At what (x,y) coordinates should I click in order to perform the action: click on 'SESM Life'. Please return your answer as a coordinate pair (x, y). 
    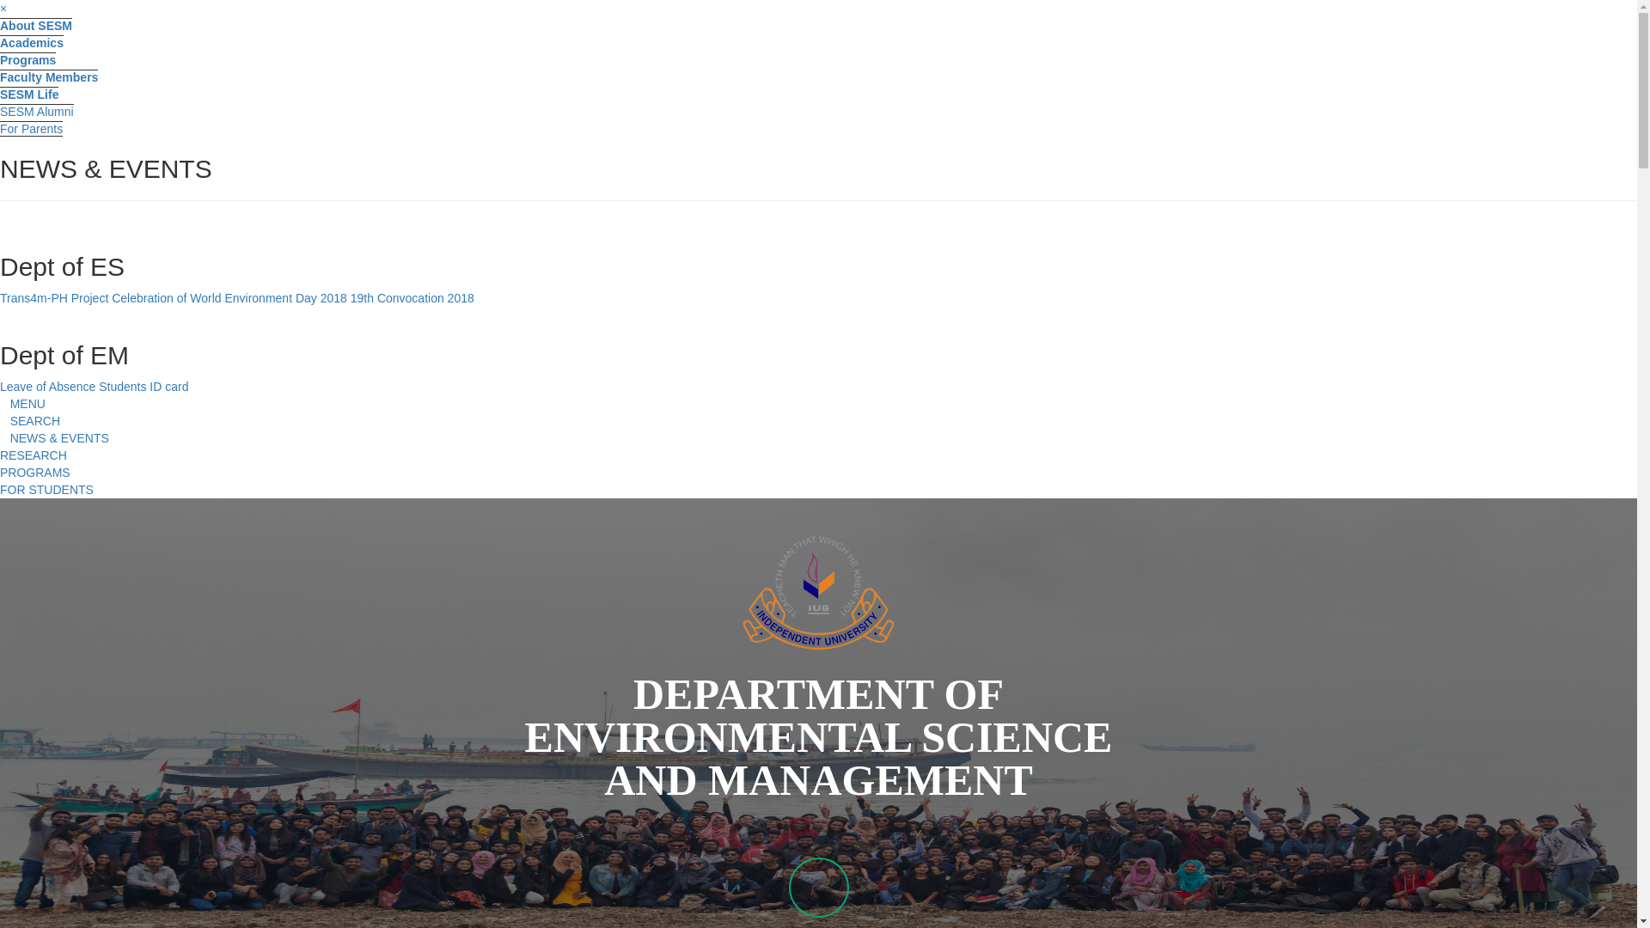
    Looking at the image, I should click on (28, 94).